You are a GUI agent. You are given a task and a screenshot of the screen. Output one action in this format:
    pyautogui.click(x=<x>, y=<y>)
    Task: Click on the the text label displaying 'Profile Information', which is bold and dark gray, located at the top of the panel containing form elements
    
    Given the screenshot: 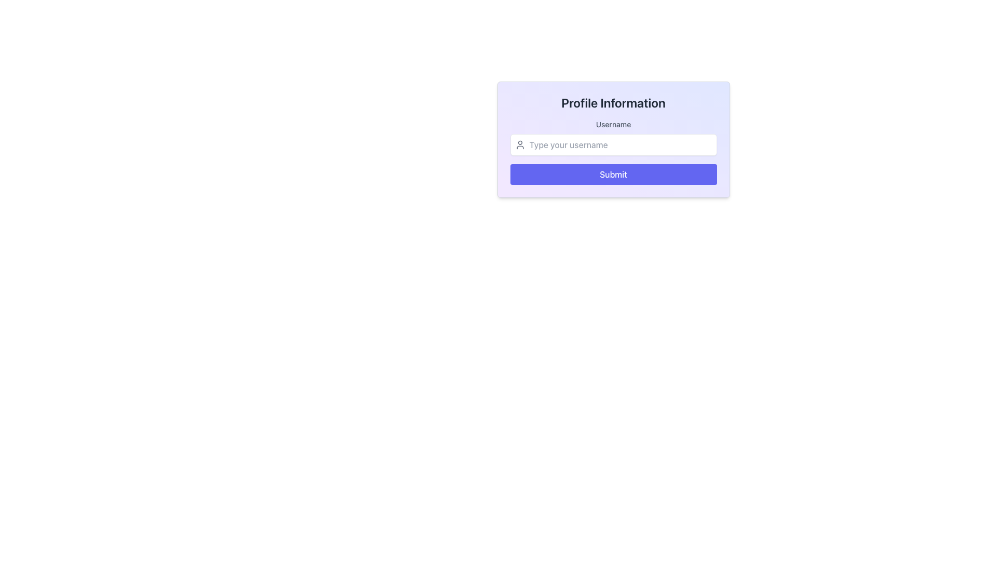 What is the action you would take?
    pyautogui.click(x=613, y=102)
    